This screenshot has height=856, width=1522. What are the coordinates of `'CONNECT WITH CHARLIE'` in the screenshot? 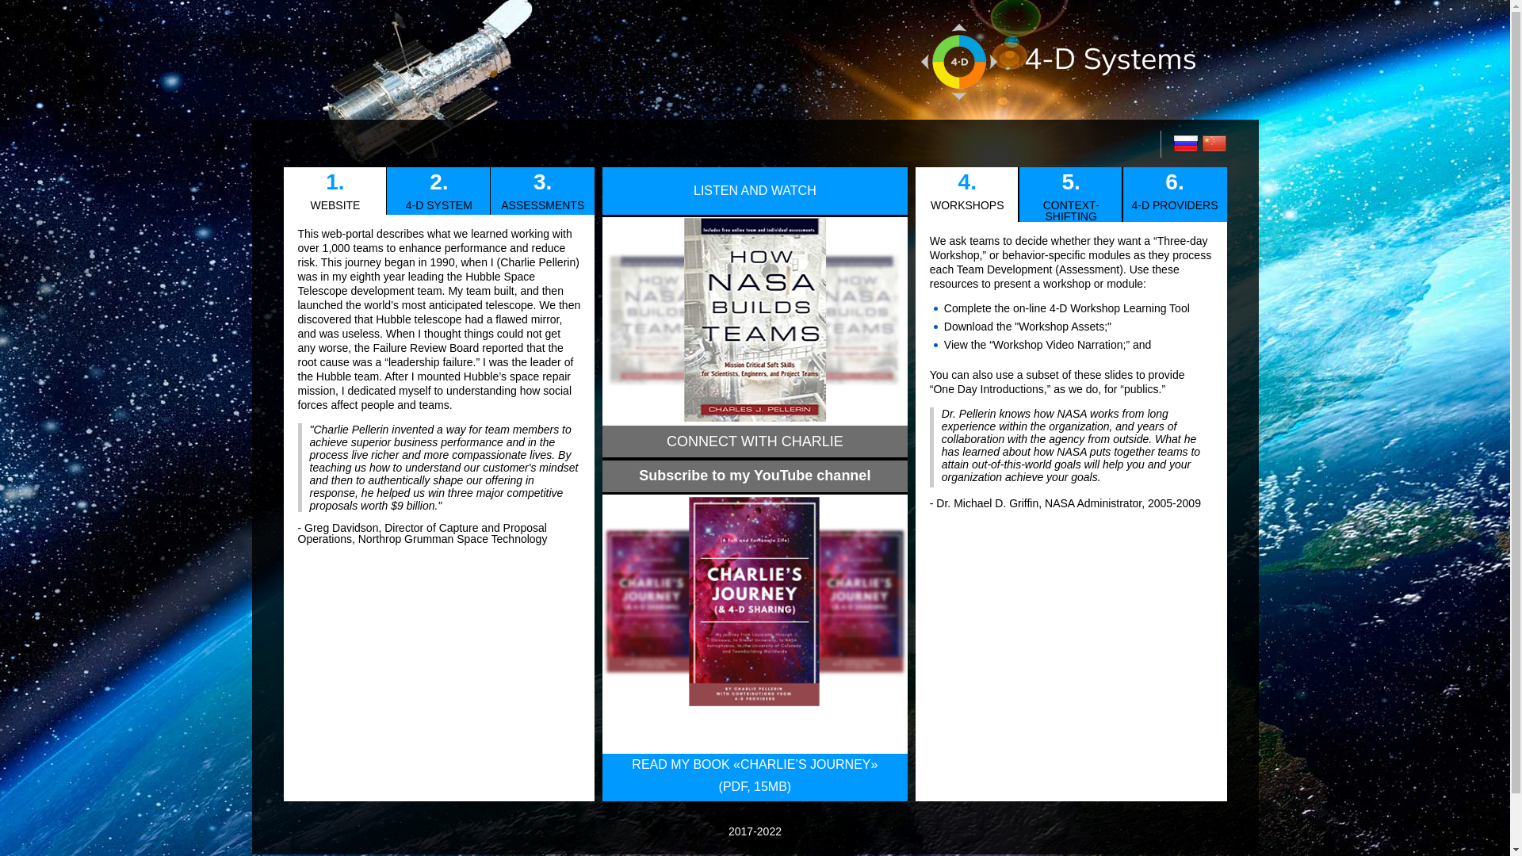 It's located at (753, 443).